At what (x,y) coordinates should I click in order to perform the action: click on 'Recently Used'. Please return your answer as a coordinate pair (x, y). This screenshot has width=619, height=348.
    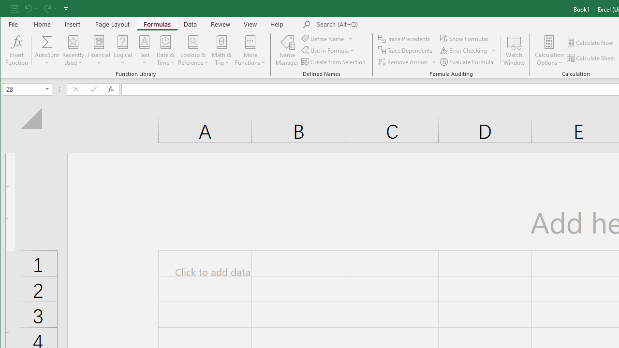
    Looking at the image, I should click on (73, 50).